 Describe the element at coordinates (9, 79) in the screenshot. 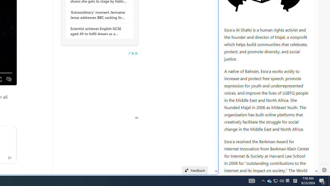

I see `'Unmute'` at that location.